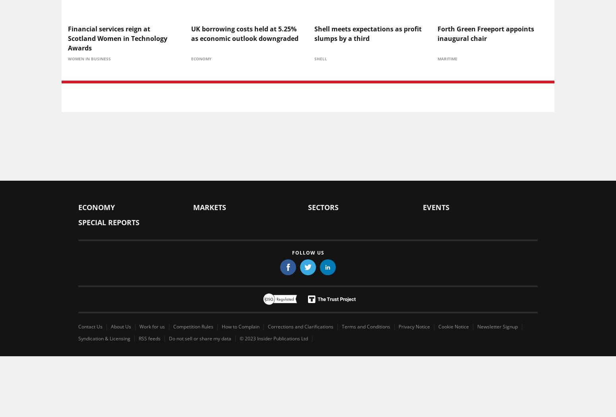 Image resolution: width=616 pixels, height=417 pixels. What do you see at coordinates (436, 207) in the screenshot?
I see `'Events'` at bounding box center [436, 207].